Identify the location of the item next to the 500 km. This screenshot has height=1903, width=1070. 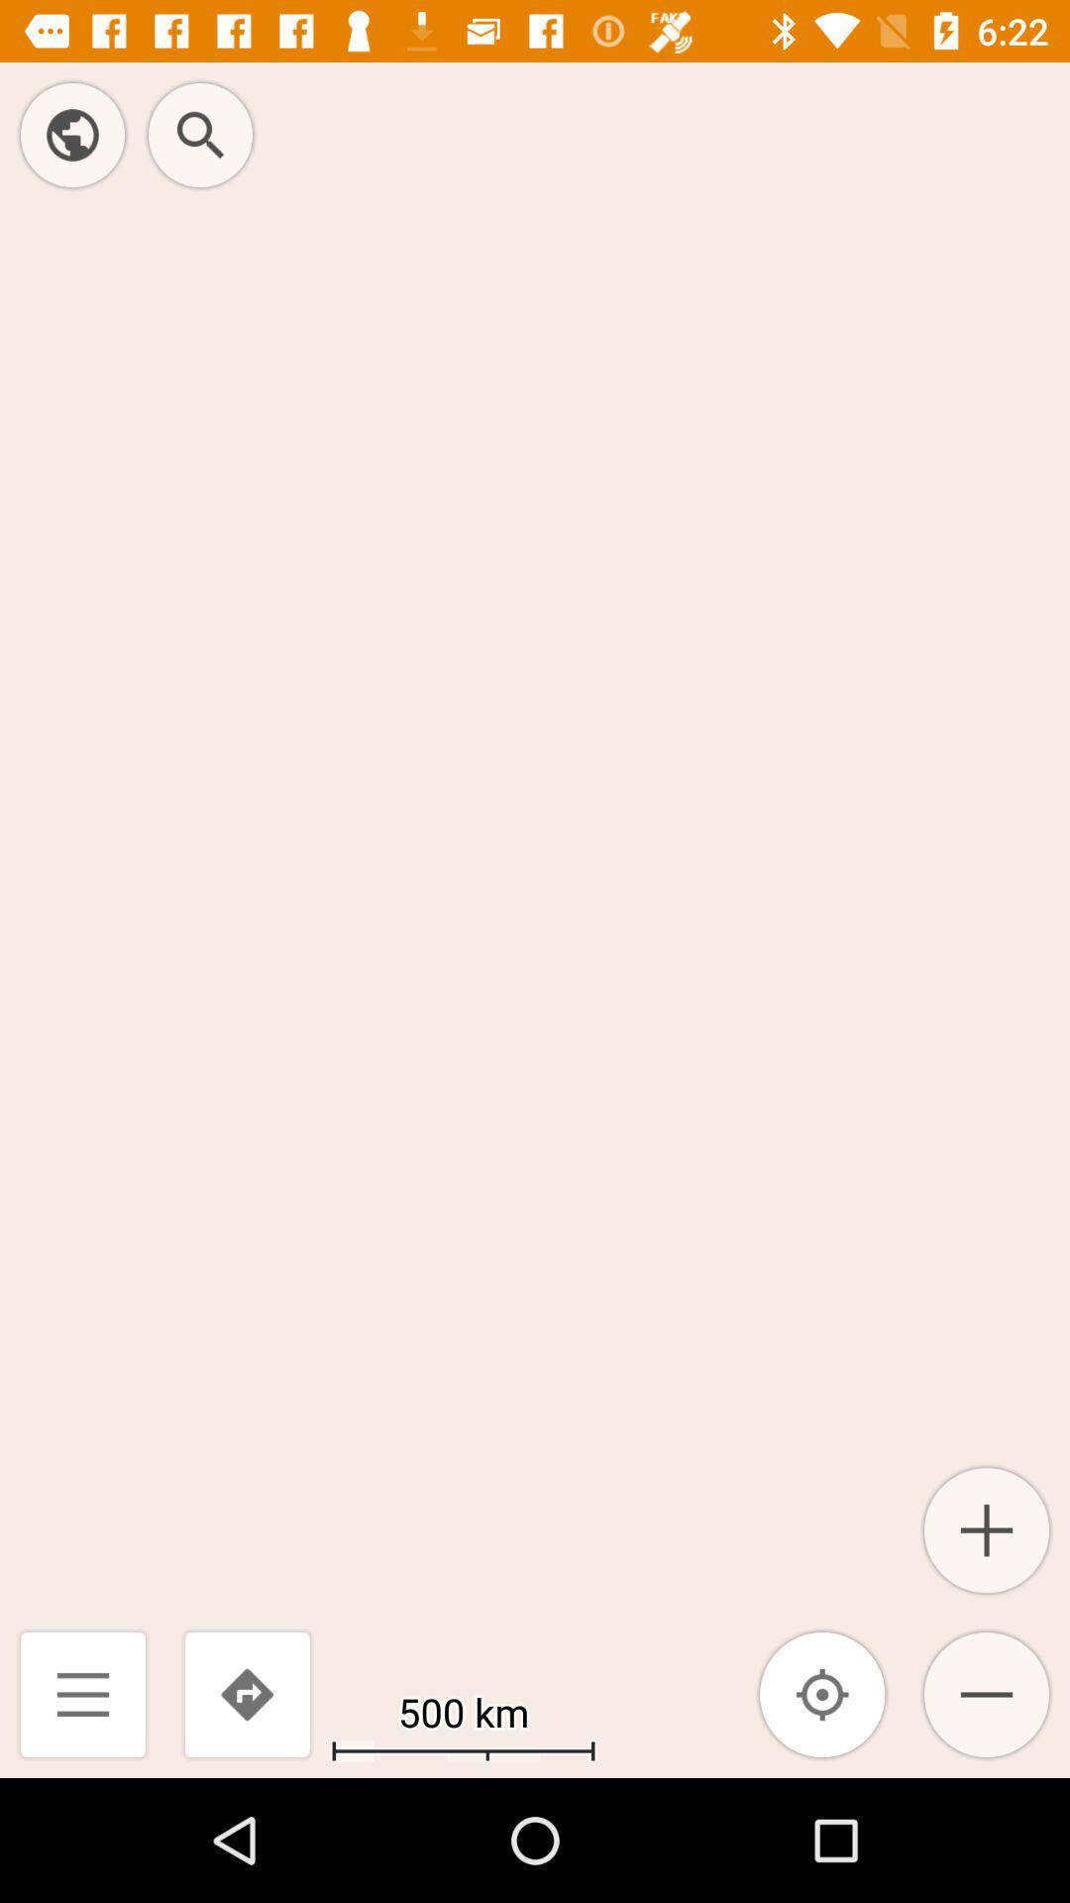
(822, 1693).